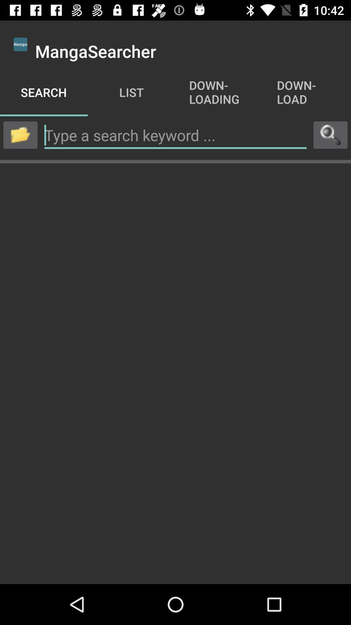  Describe the element at coordinates (331, 134) in the screenshot. I see `the search icon` at that location.